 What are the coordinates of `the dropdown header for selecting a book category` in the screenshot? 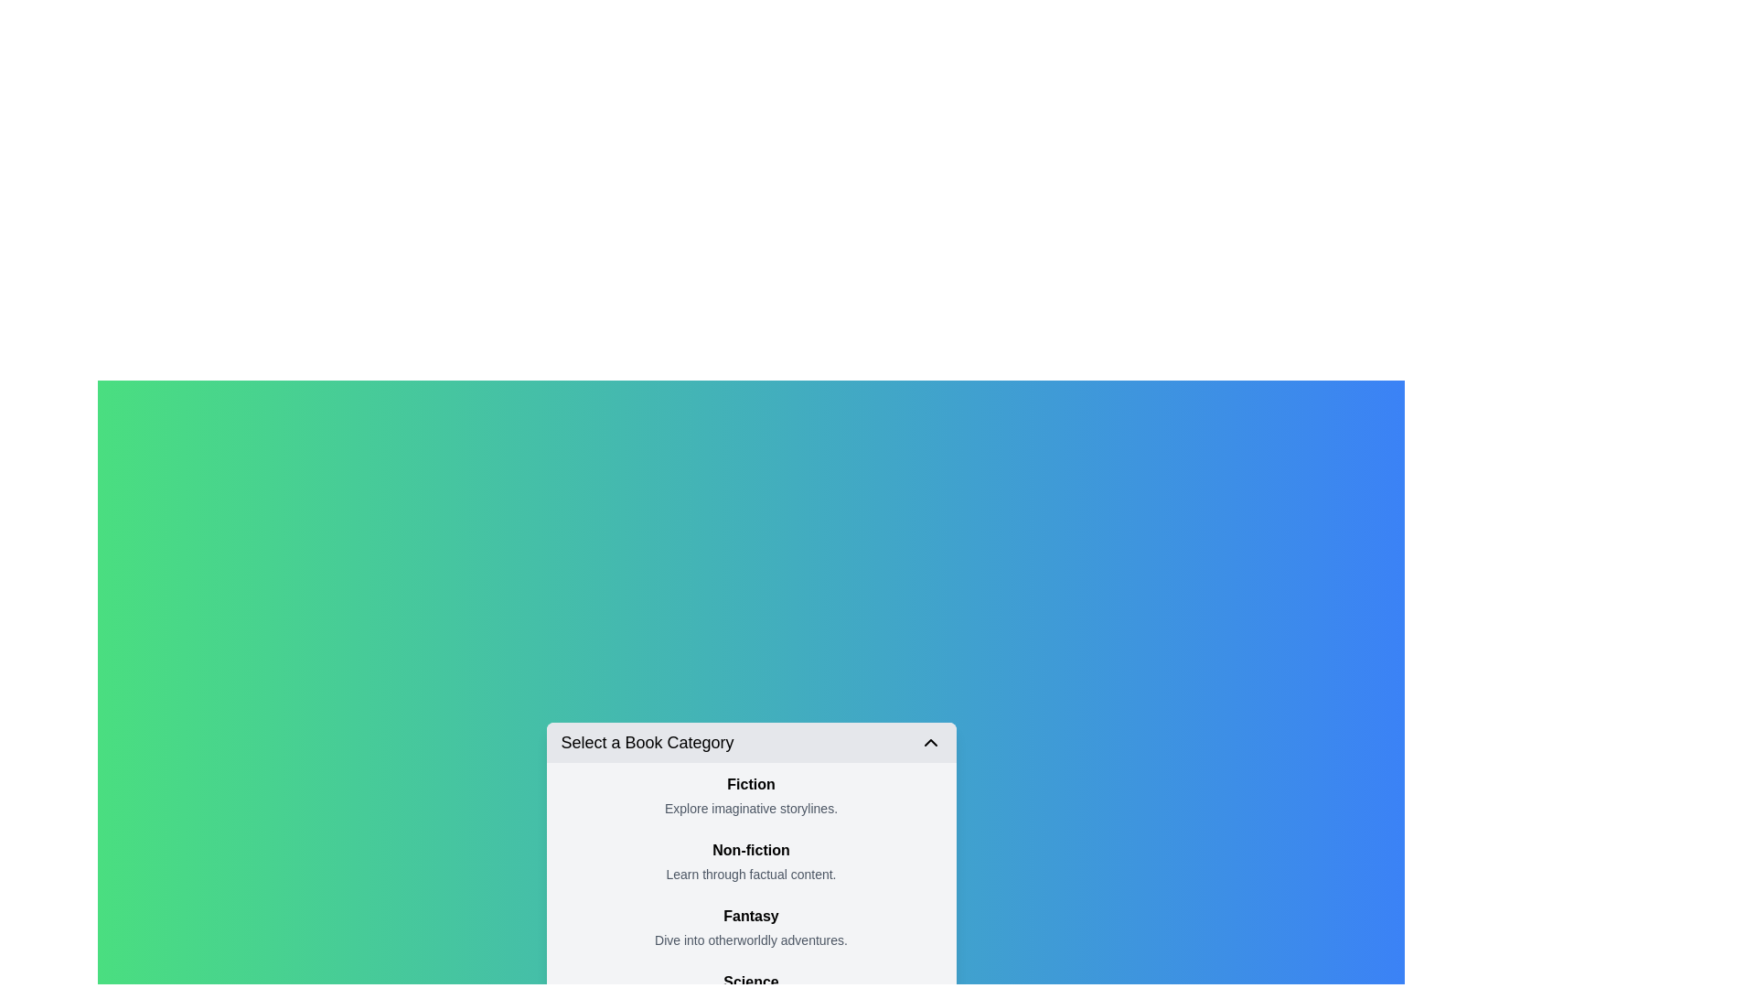 It's located at (751, 743).